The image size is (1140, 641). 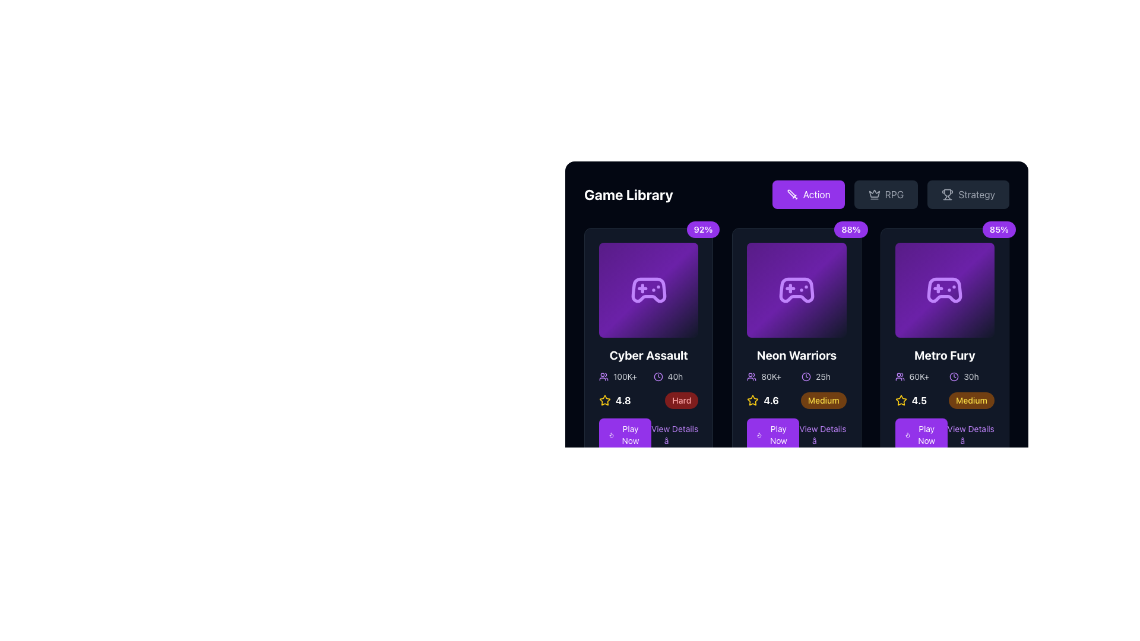 What do you see at coordinates (624, 434) in the screenshot?
I see `the button that starts or accesses the game 'Cyber Assault' to observe the color change effect` at bounding box center [624, 434].